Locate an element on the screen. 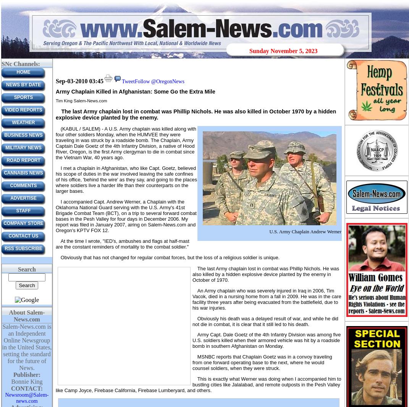 The image size is (409, 407). 'RSS Subscribe' is located at coordinates (23, 248).